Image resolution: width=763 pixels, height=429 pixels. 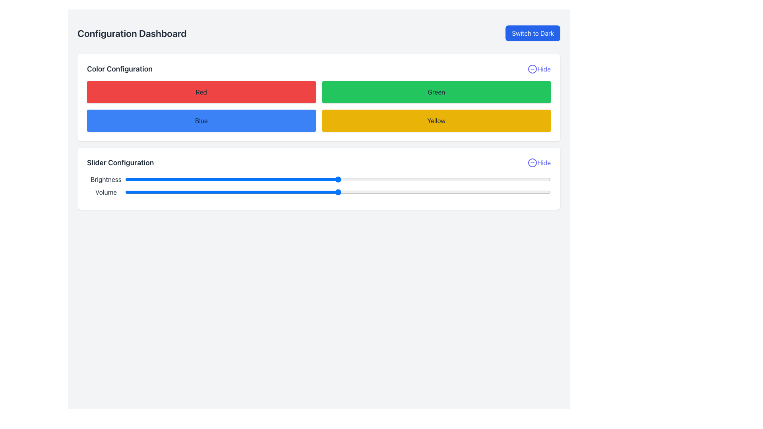 What do you see at coordinates (533, 33) in the screenshot?
I see `the button located in the top-right corner of the application's main interface, next to 'Configuration Dashboard'` at bounding box center [533, 33].